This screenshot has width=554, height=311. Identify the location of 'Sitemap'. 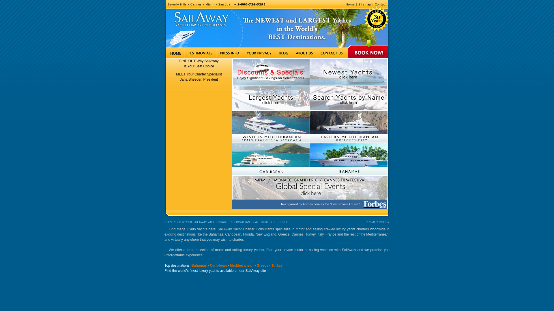
(356, 4).